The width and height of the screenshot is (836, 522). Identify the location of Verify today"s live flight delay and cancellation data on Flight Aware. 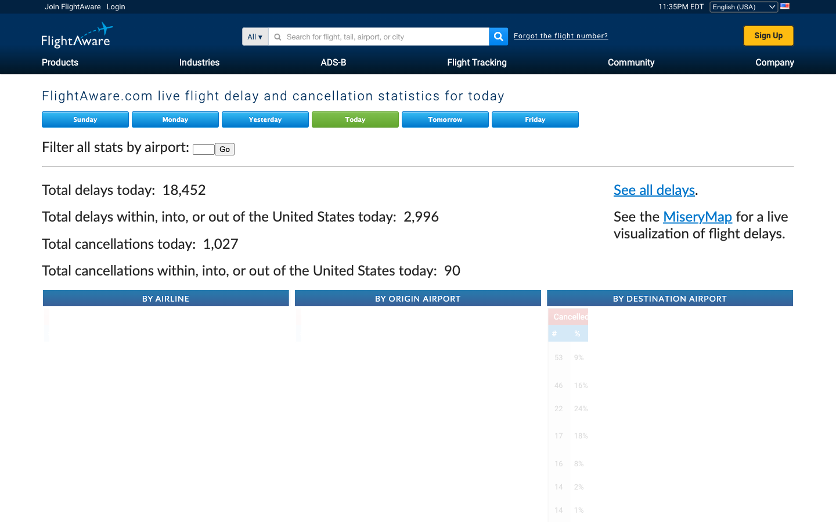
(356, 119).